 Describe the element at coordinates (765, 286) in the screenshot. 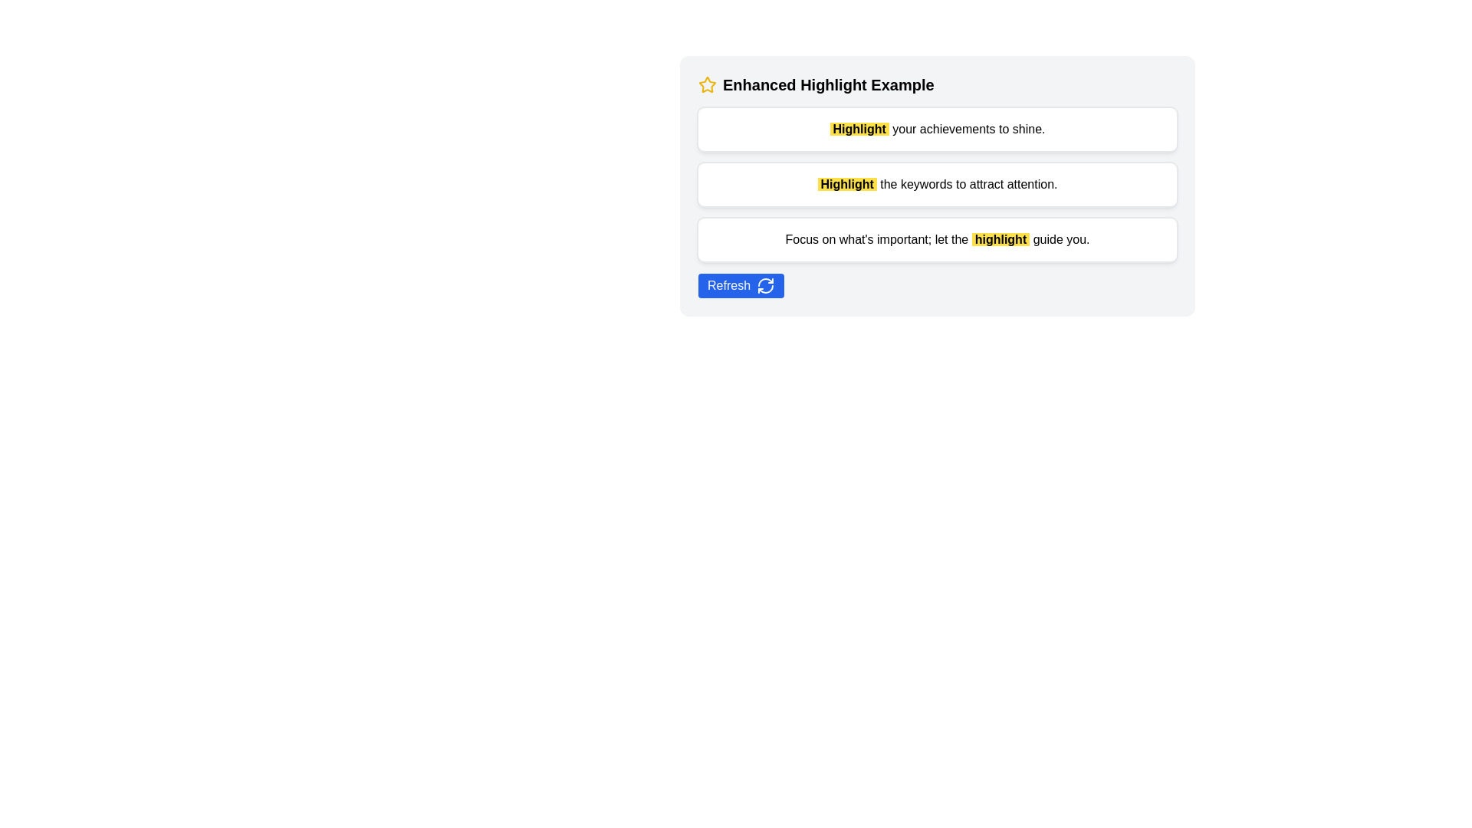

I see `the Refresh button, which contains the Refresh icon, located at the bottom of the interface` at that location.